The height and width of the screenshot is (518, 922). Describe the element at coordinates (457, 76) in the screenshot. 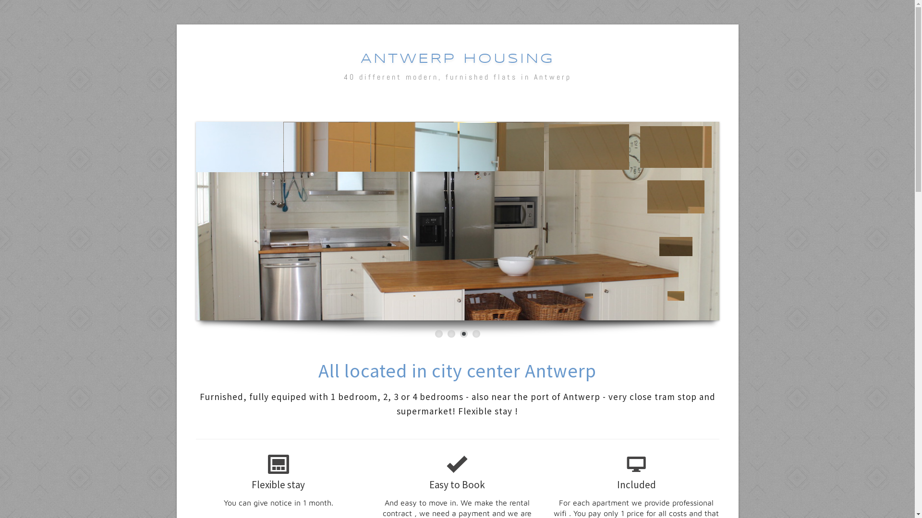

I see `'40 different modern, furnished flats in Antwerp'` at that location.